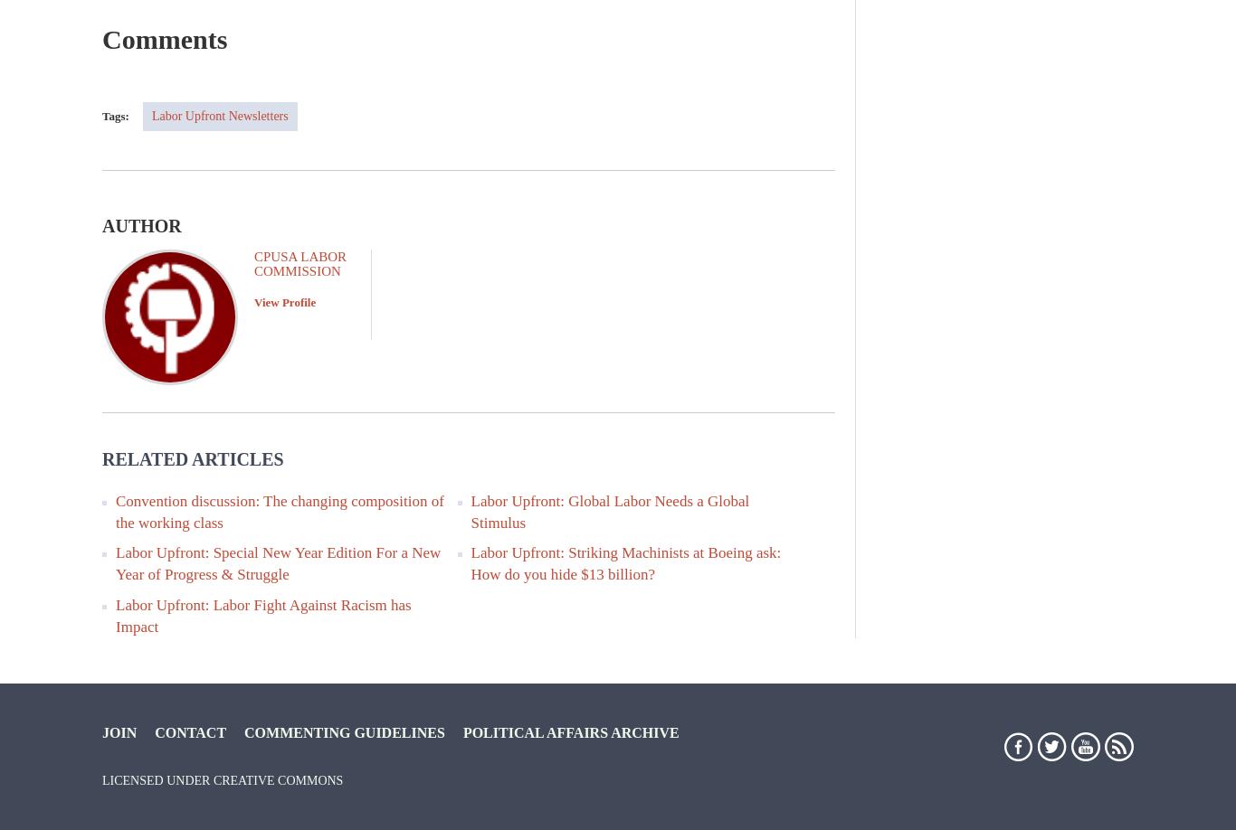  I want to click on 'CPUSA Labor Commission', so click(253, 261).